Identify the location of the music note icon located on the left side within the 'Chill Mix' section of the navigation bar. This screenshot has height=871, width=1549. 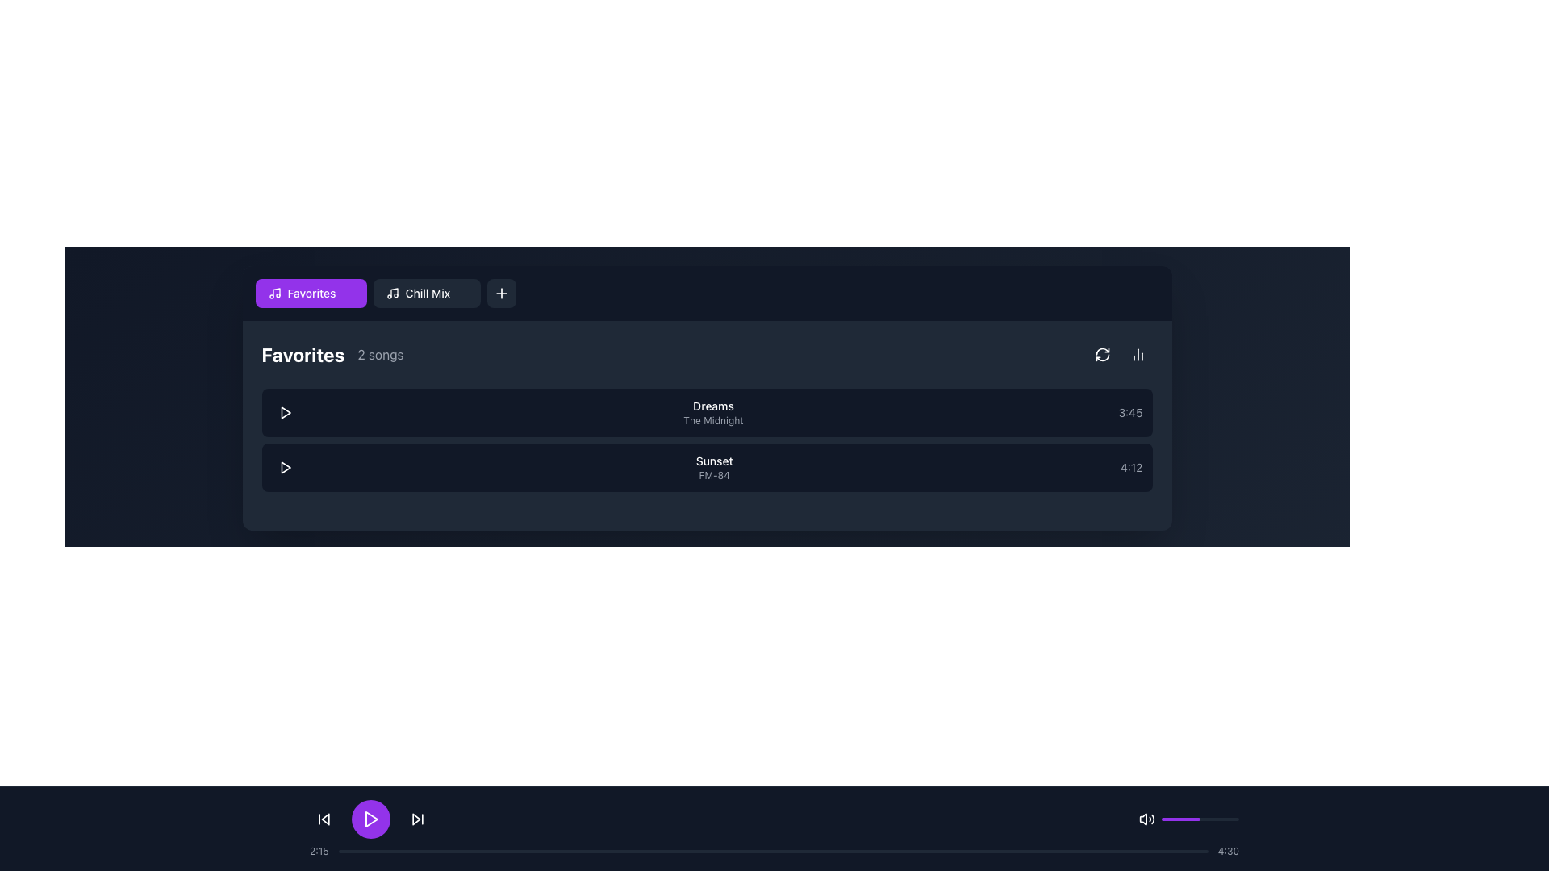
(392, 293).